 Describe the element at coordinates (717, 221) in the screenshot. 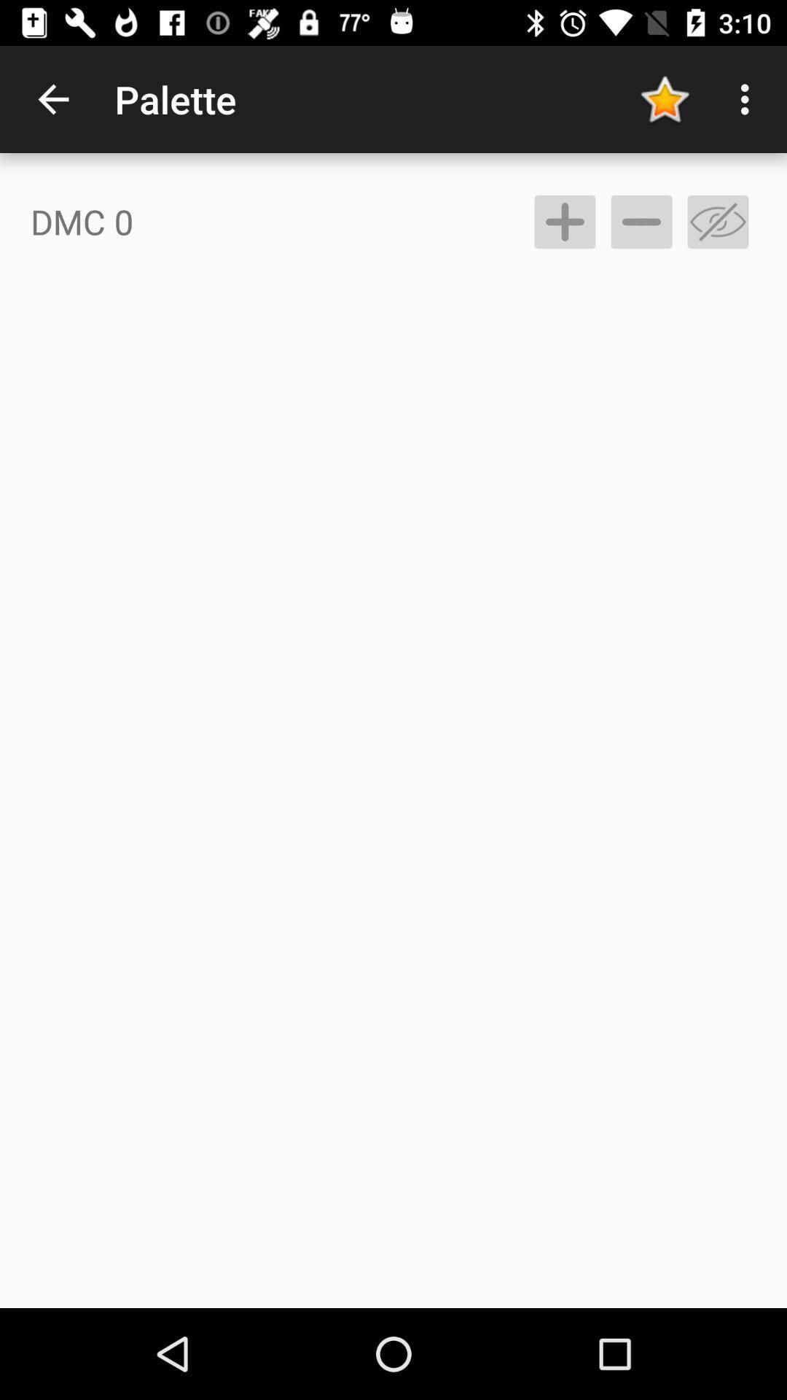

I see `remove icon box` at that location.